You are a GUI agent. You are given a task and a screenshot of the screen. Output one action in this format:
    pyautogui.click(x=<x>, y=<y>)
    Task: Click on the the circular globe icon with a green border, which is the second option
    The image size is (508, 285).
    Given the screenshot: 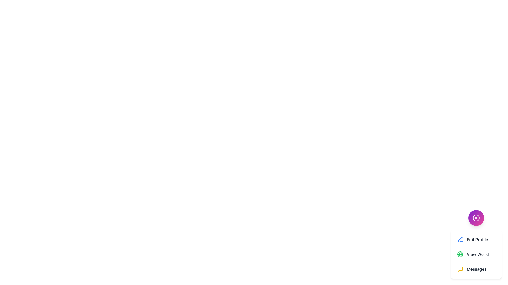 What is the action you would take?
    pyautogui.click(x=460, y=254)
    